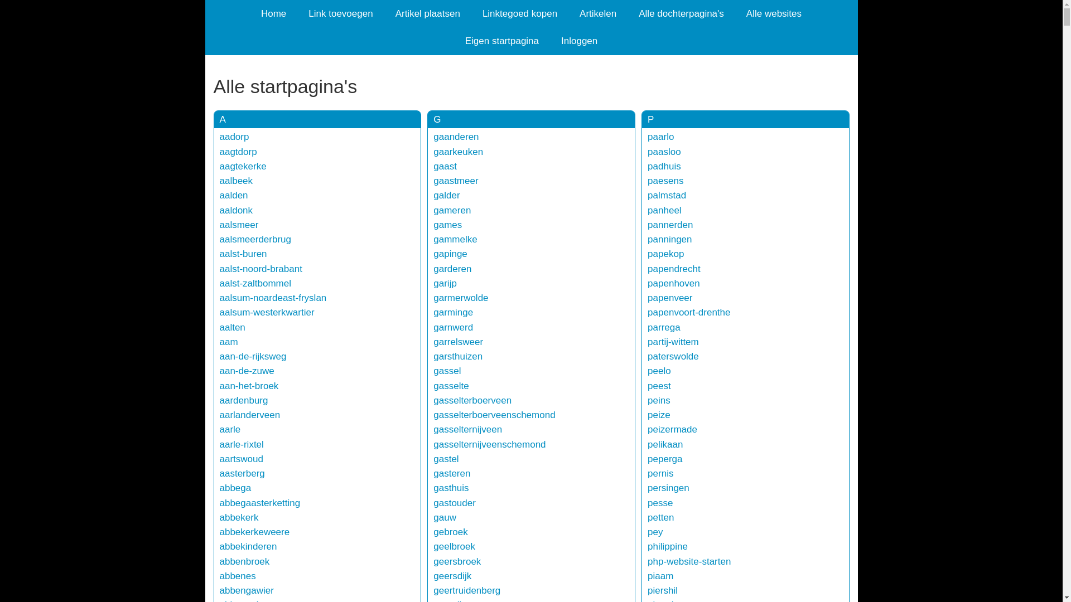 The width and height of the screenshot is (1071, 602). What do you see at coordinates (648, 341) in the screenshot?
I see `'partij-wittem'` at bounding box center [648, 341].